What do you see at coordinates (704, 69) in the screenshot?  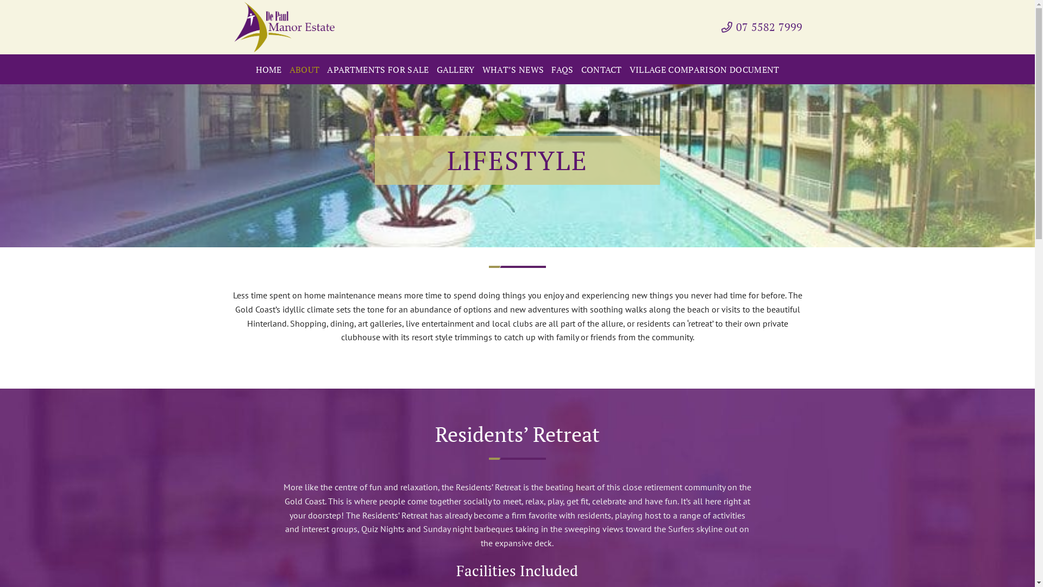 I see `'VILLAGE COMPARISON DOCUMENT'` at bounding box center [704, 69].